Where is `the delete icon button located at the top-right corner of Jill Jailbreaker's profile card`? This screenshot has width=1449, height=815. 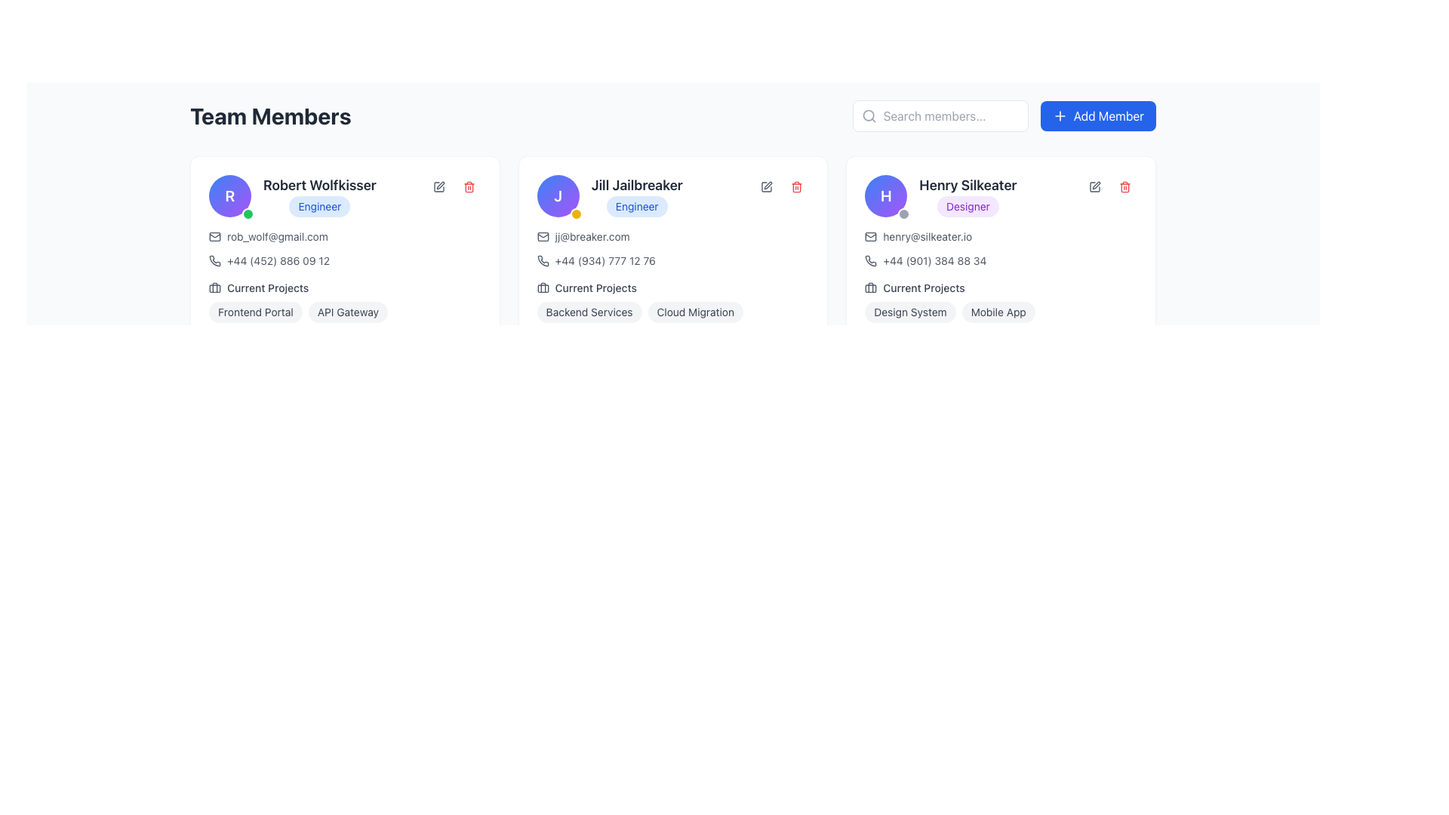 the delete icon button located at the top-right corner of Jill Jailbreaker's profile card is located at coordinates (796, 186).